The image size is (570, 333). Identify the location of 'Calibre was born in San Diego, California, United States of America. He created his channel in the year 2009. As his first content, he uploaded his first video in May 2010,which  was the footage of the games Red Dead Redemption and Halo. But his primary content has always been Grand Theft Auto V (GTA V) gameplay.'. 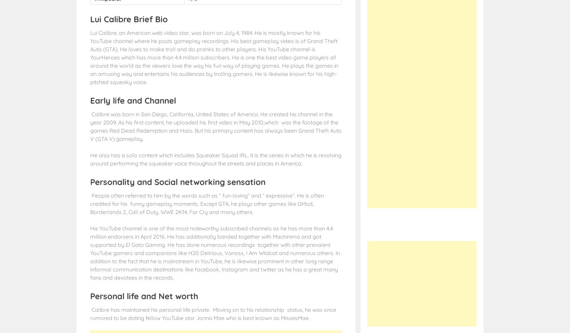
(216, 126).